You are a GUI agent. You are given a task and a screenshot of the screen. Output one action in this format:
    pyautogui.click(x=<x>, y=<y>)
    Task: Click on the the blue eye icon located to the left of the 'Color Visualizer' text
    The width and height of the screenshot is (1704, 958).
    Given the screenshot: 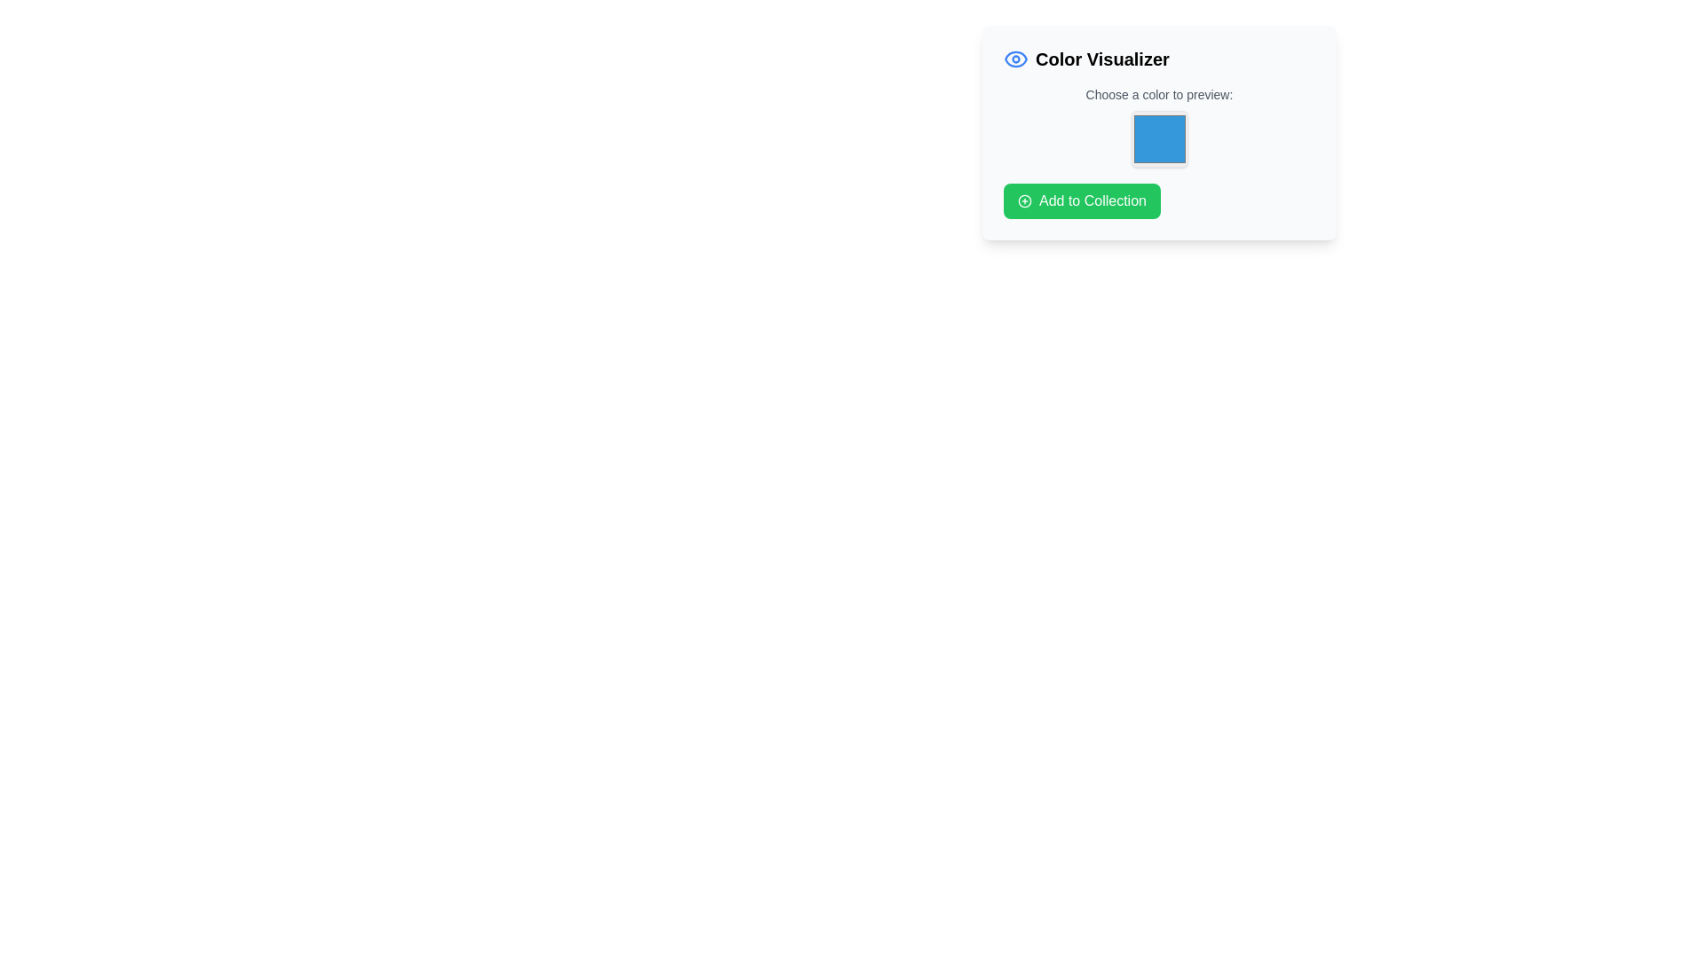 What is the action you would take?
    pyautogui.click(x=1016, y=58)
    